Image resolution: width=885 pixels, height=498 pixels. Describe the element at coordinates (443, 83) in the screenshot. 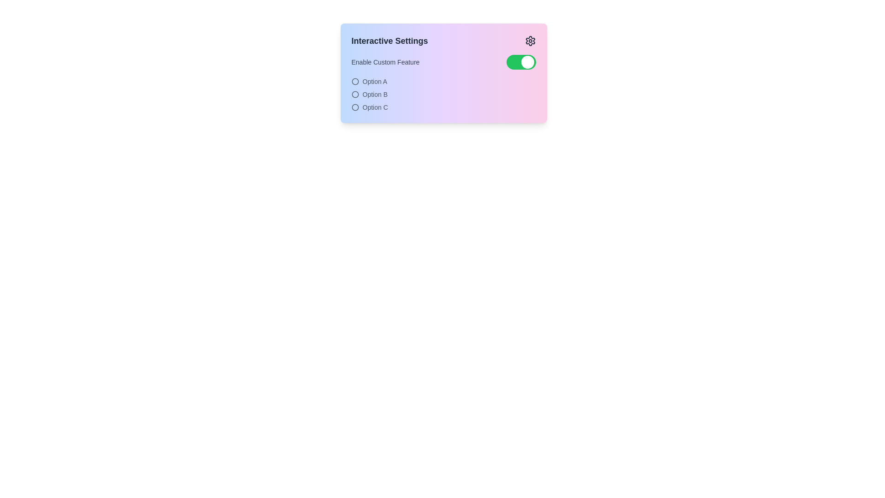

I see `the labels 'Option A,' 'Option B,' and 'Option C' in the Settings panel section titled 'Interactive Settings'` at that location.